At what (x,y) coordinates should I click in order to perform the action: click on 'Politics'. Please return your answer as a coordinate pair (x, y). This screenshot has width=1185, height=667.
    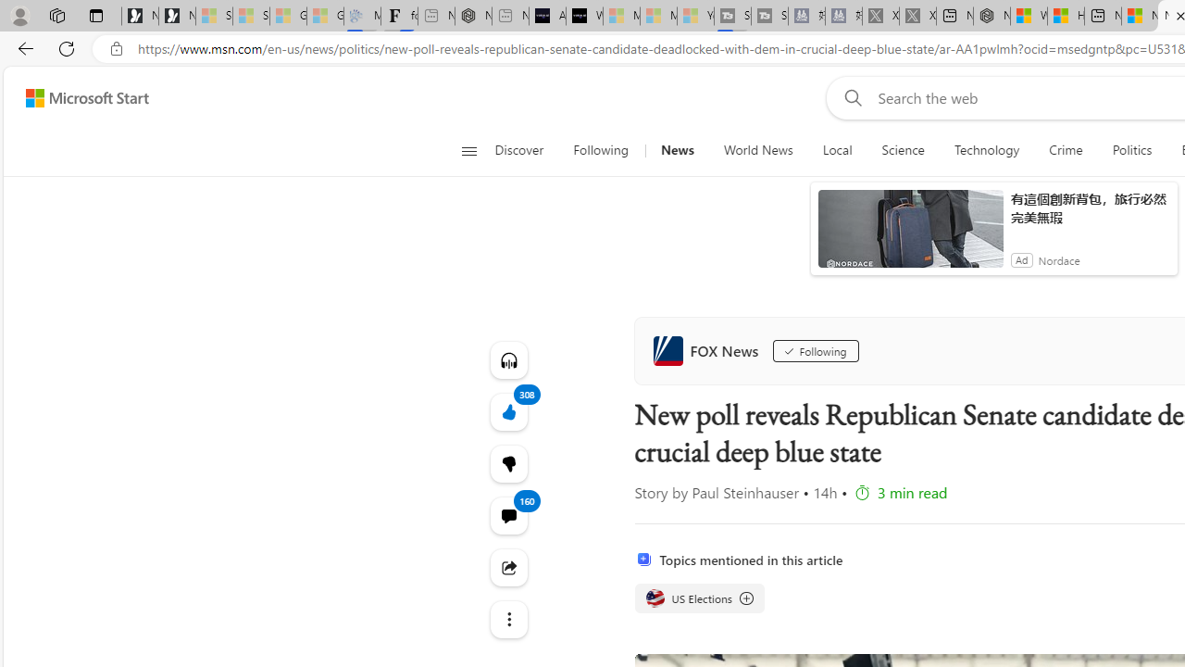
    Looking at the image, I should click on (1131, 150).